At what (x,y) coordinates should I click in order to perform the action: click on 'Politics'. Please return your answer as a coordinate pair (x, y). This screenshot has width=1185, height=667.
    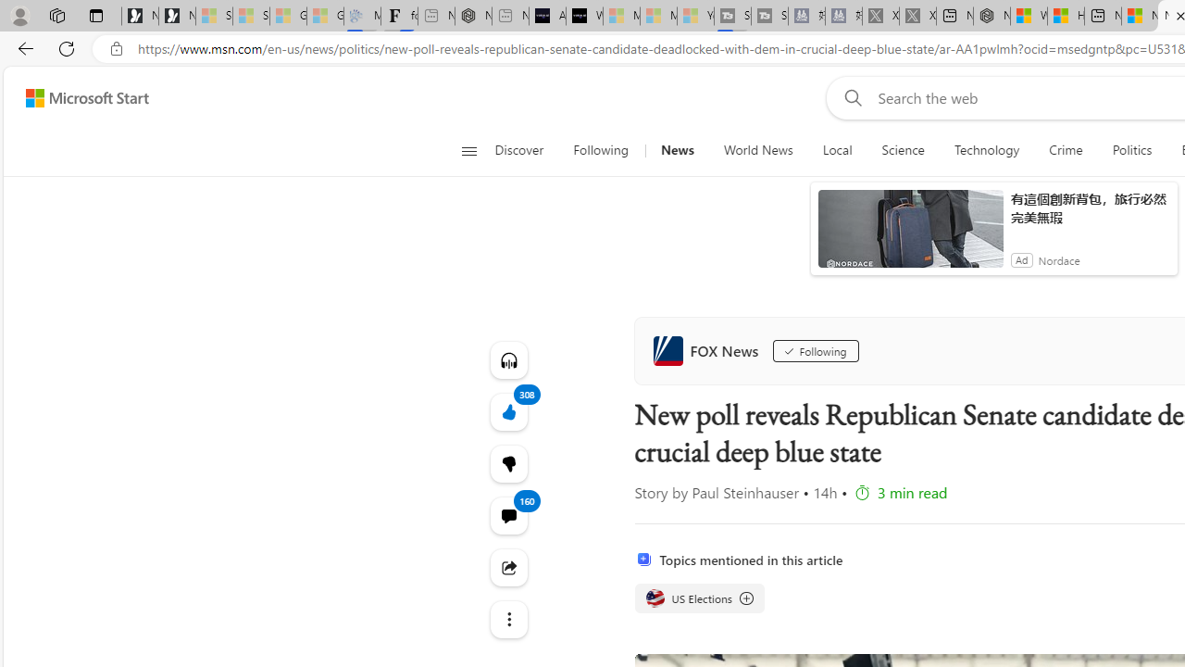
    Looking at the image, I should click on (1131, 150).